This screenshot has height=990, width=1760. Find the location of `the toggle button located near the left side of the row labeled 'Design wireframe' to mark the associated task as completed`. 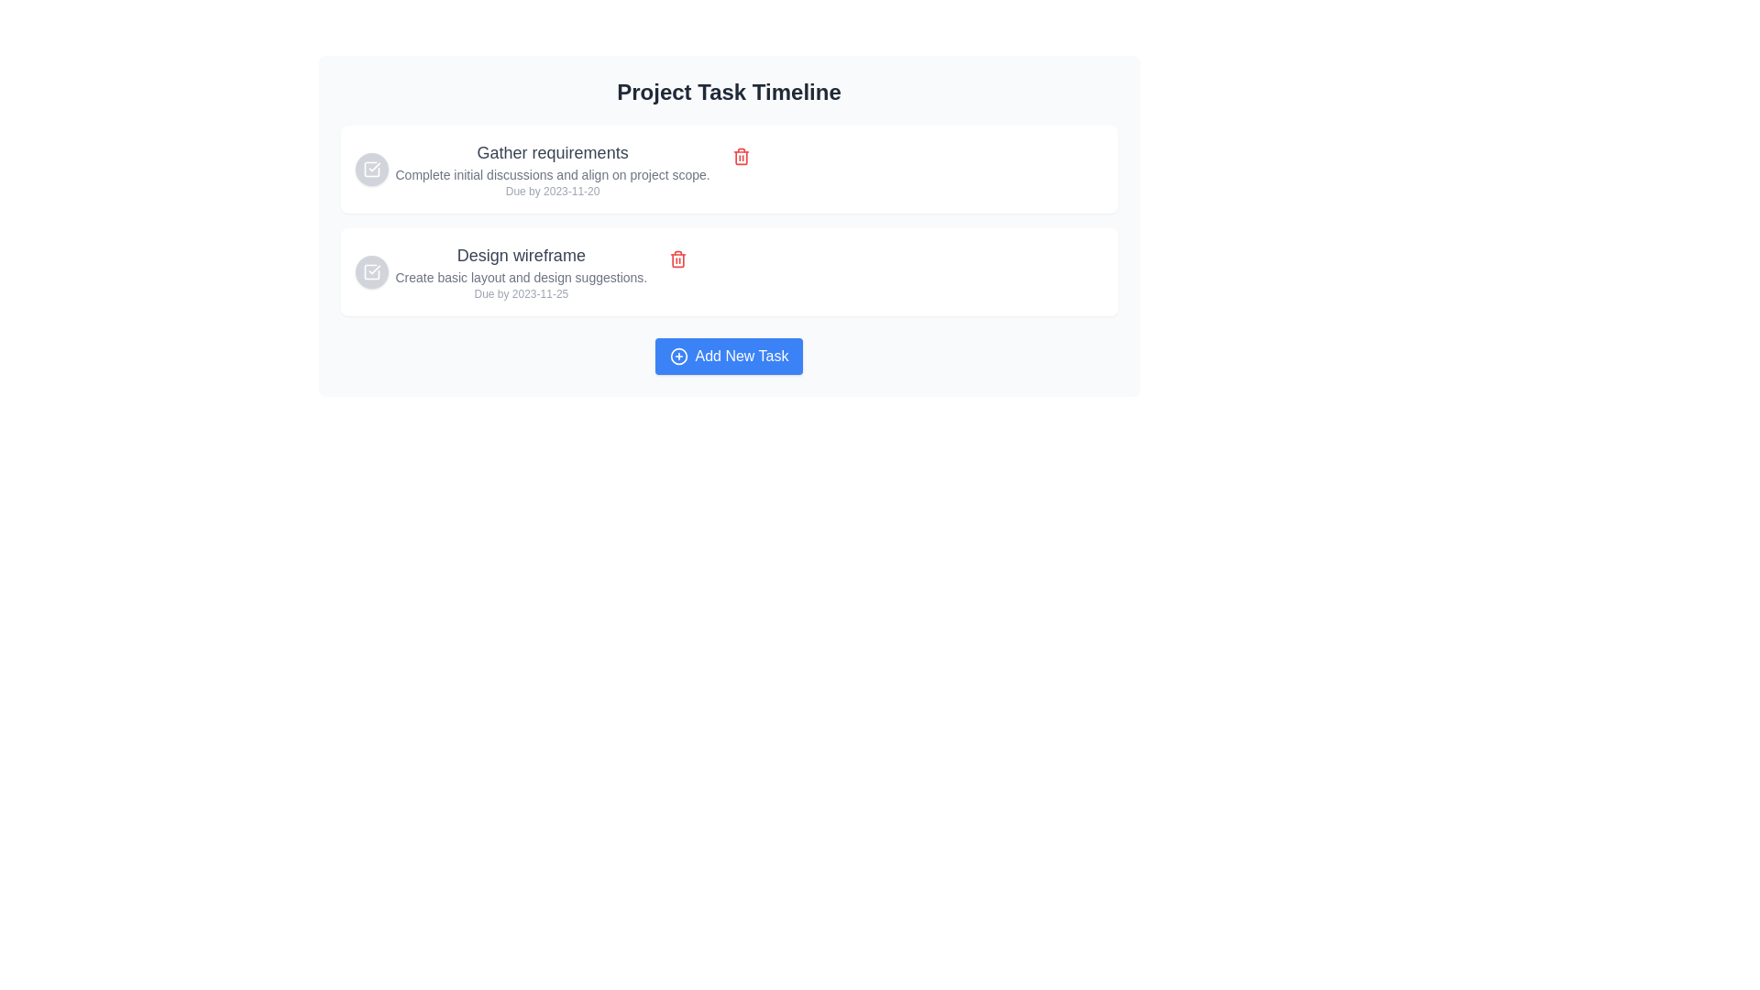

the toggle button located near the left side of the row labeled 'Design wireframe' to mark the associated task as completed is located at coordinates (370, 272).